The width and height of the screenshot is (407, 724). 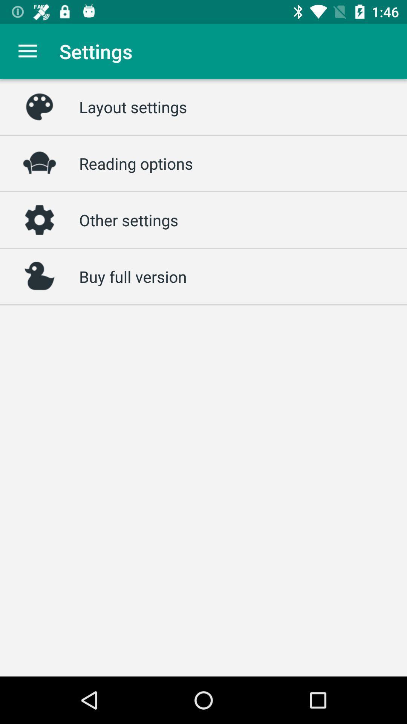 I want to click on the layout settings item, so click(x=133, y=106).